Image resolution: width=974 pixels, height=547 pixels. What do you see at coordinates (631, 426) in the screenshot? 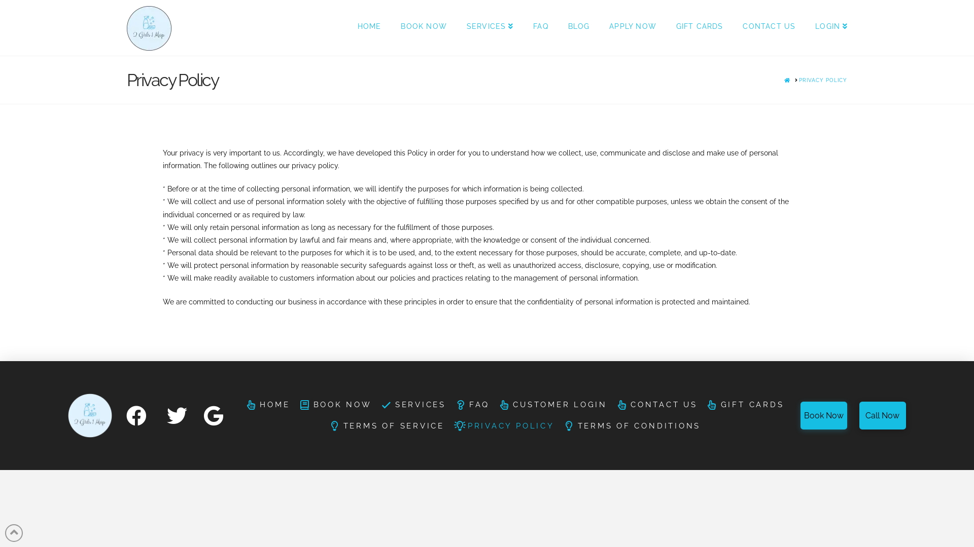
I see `'TERMS OF CONDITIONS'` at bounding box center [631, 426].